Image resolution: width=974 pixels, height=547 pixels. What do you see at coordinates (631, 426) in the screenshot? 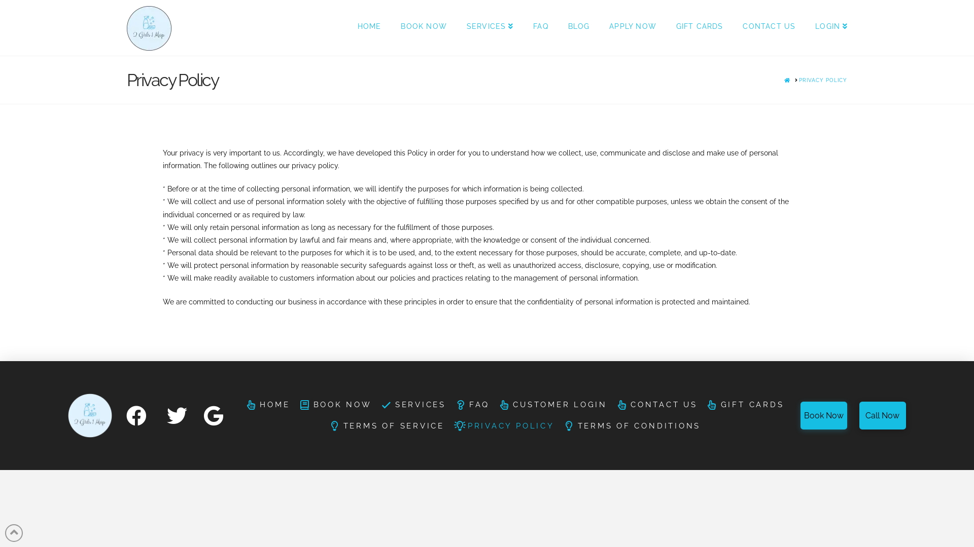
I see `'TERMS OF CONDITIONS'` at bounding box center [631, 426].